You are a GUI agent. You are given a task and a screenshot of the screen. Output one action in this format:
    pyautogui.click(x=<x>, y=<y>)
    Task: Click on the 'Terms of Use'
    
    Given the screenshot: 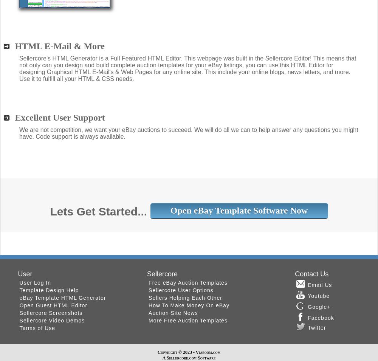 What is the action you would take?
    pyautogui.click(x=37, y=328)
    